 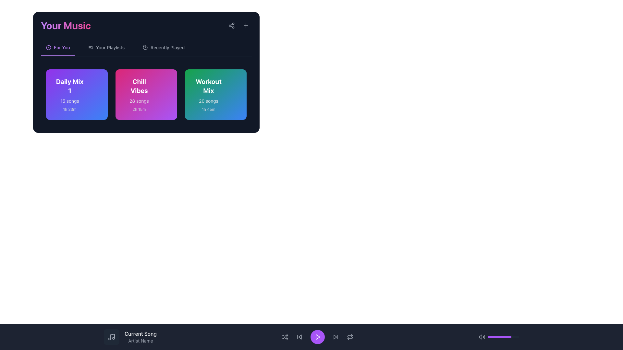 What do you see at coordinates (482, 337) in the screenshot?
I see `the sound or volume icon located to the left of the horizontal progress bar in the bottom control area of the application to interact with it` at bounding box center [482, 337].